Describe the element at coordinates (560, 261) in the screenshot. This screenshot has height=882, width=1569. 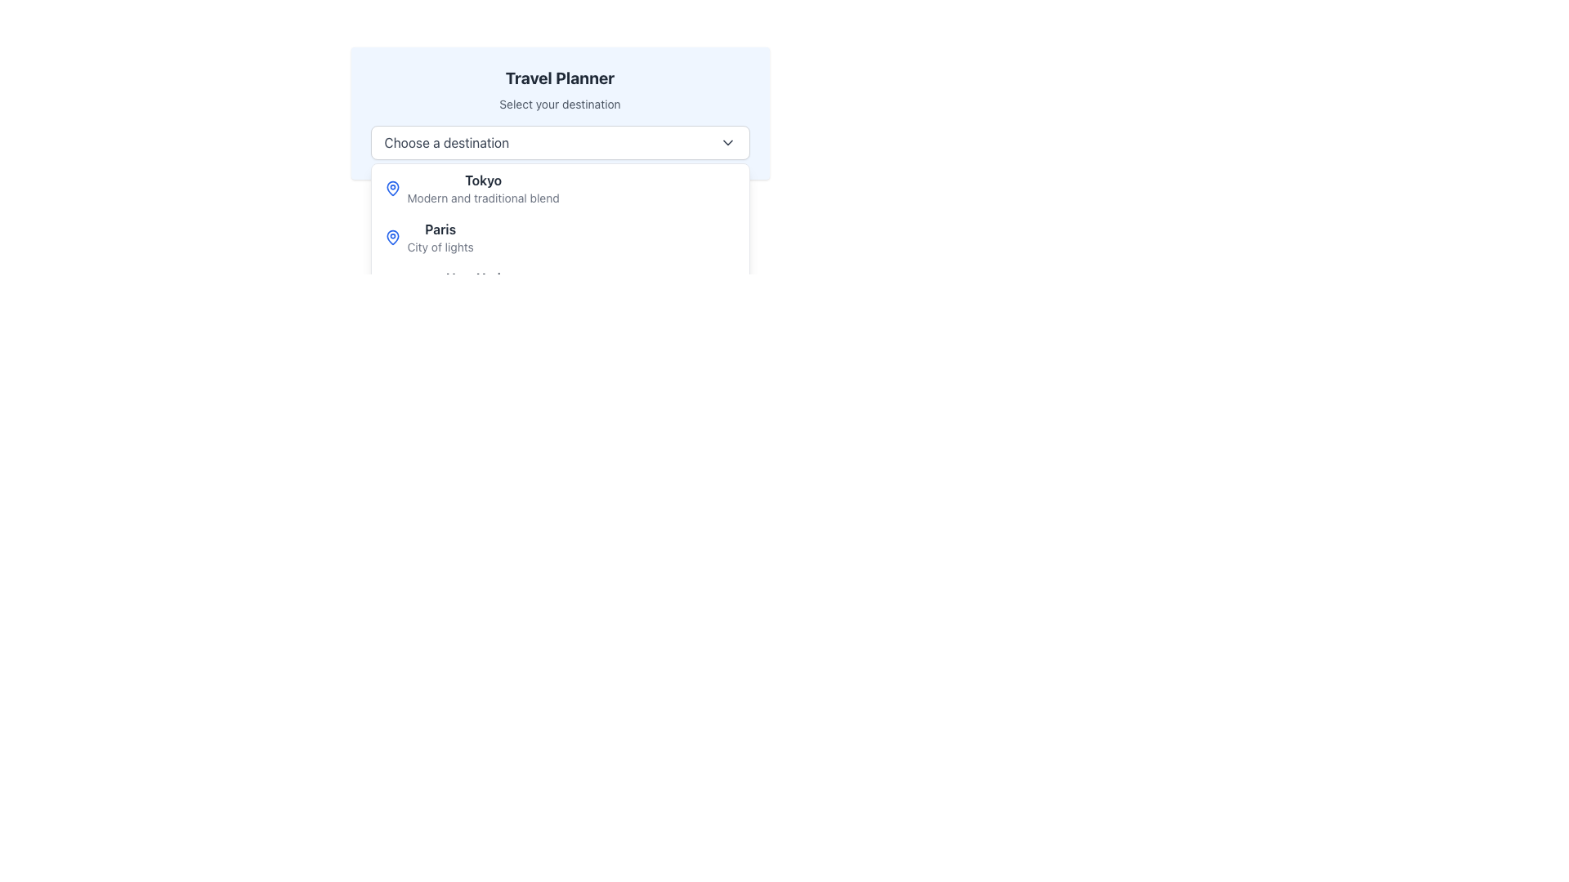
I see `the entry in the dropdown panel` at that location.